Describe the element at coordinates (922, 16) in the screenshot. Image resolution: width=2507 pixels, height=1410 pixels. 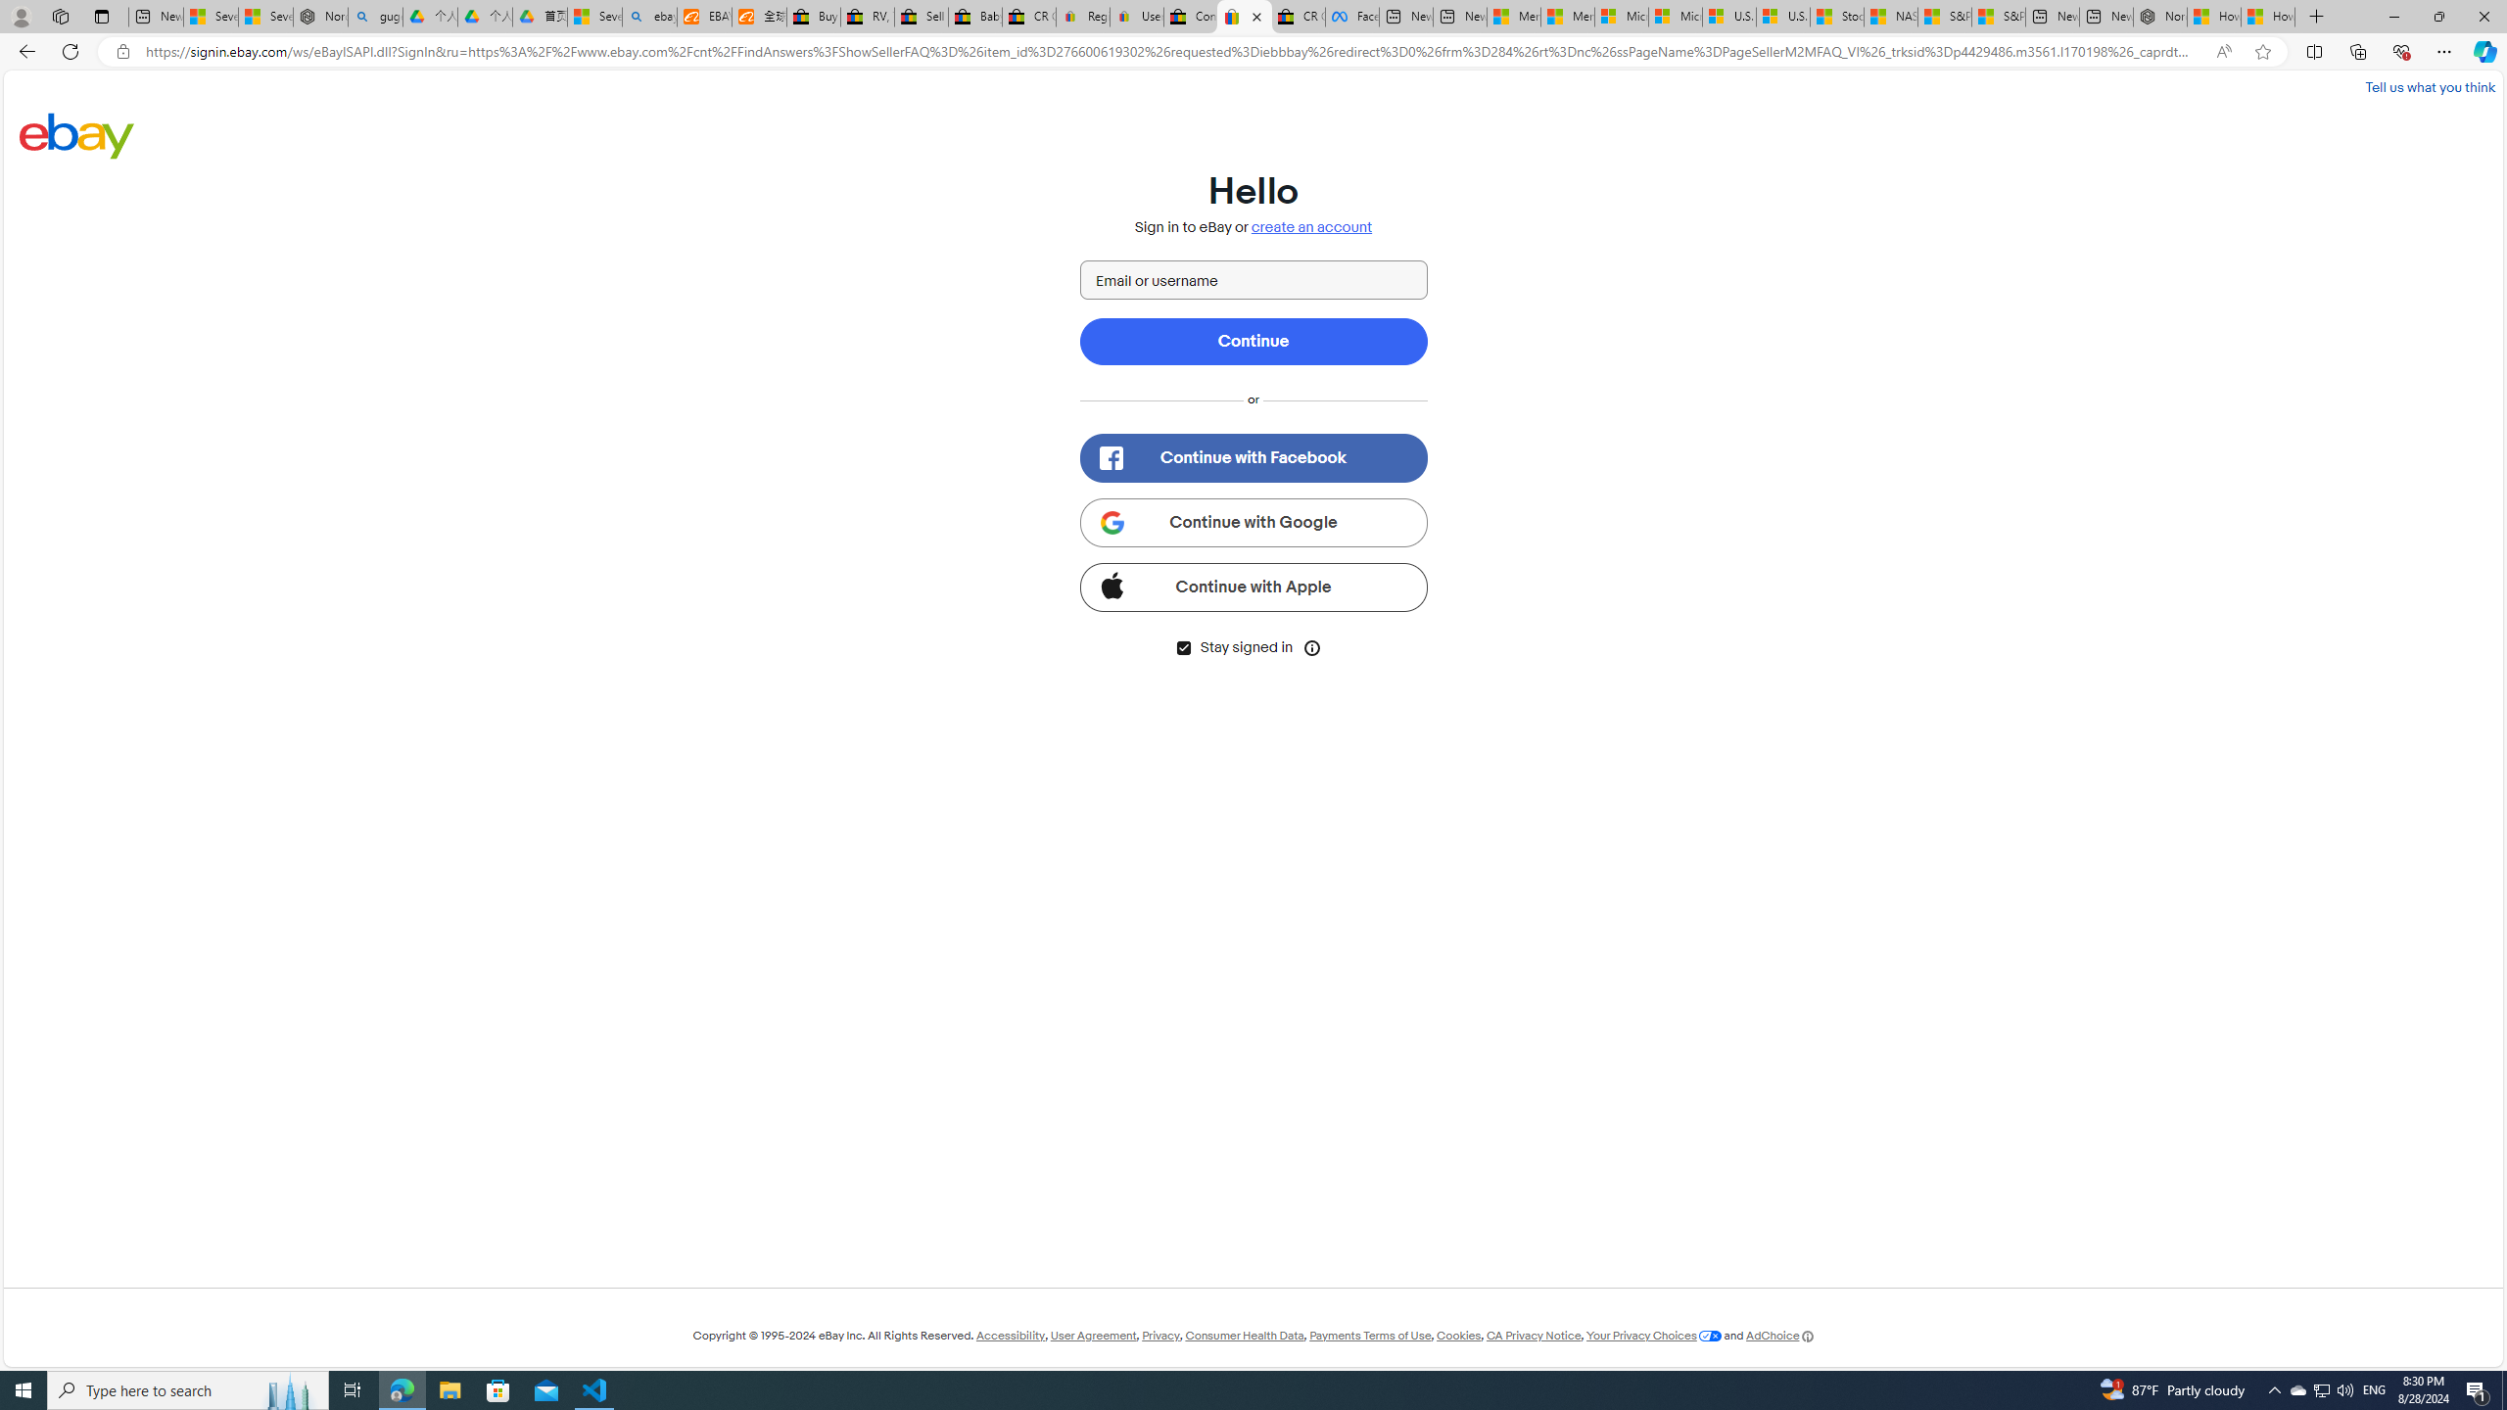
I see `'Sell worldwide with eBay'` at that location.